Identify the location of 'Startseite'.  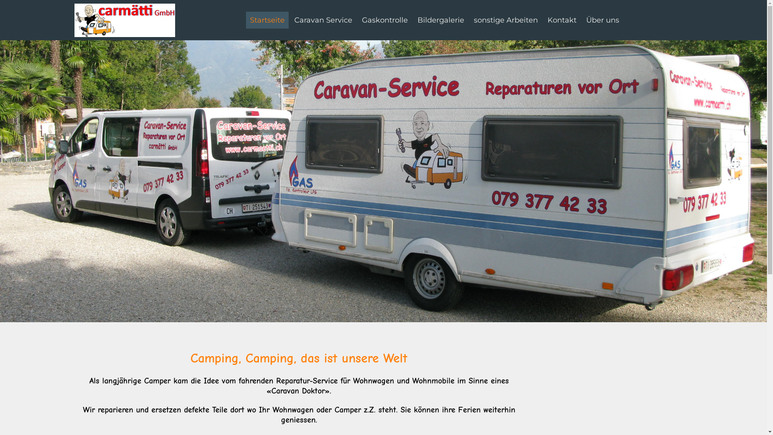
(267, 20).